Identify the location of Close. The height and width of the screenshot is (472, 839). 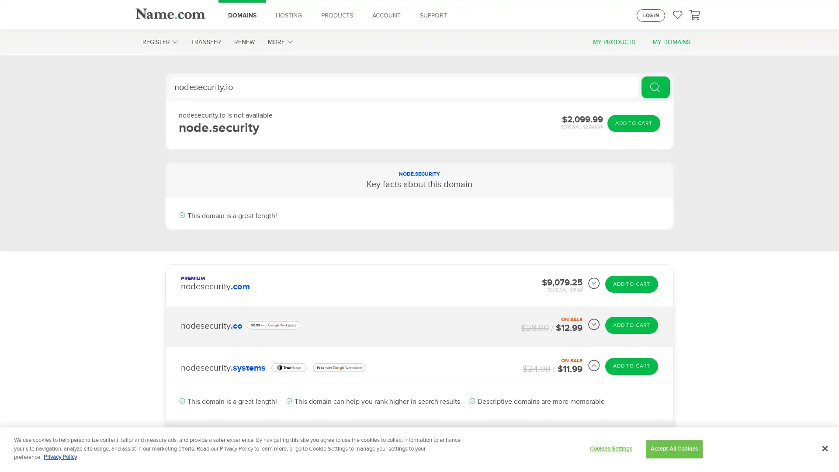
(824, 448).